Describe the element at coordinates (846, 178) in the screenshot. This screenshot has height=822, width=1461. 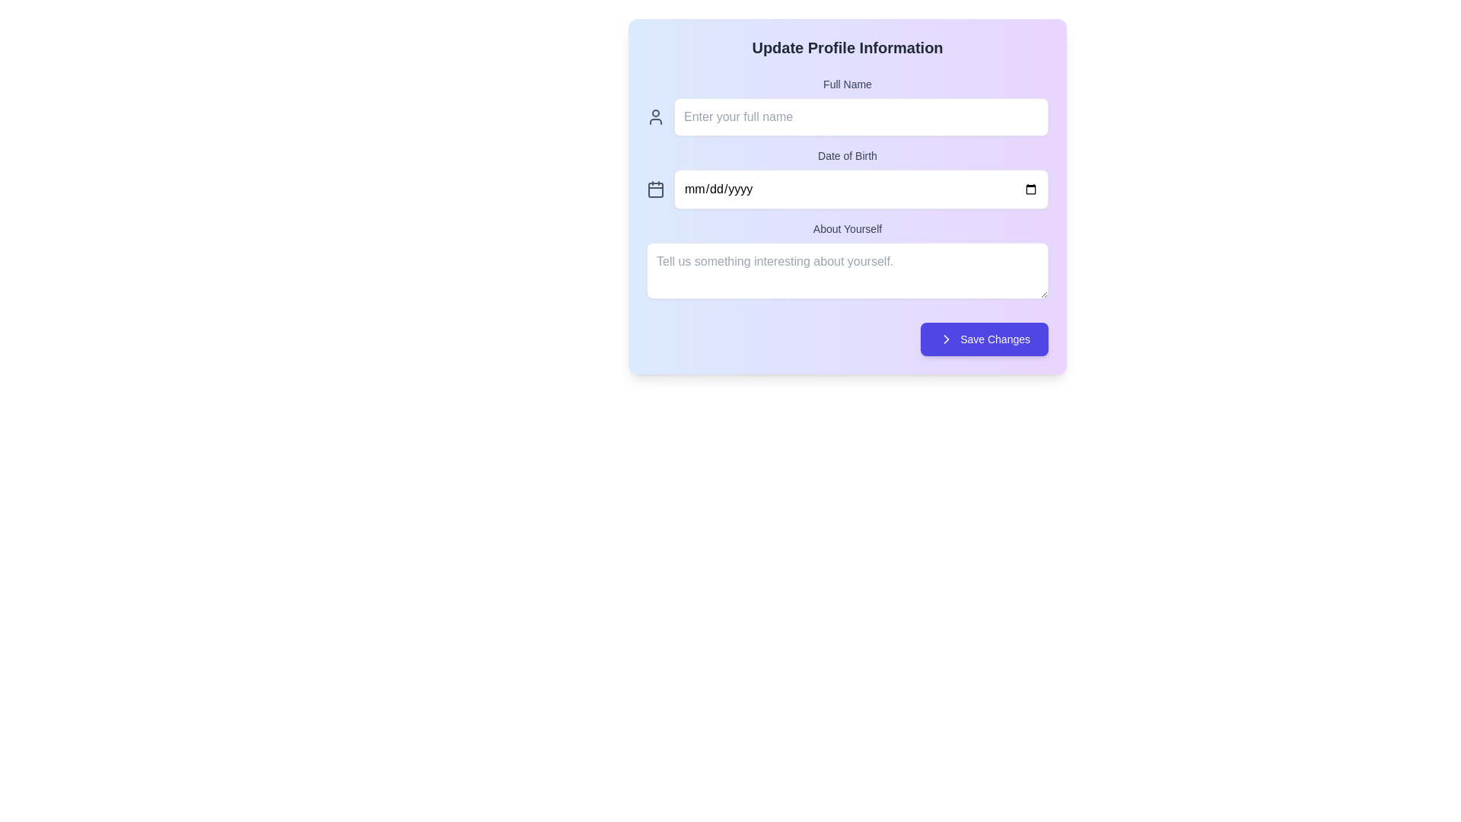
I see `the Date input field labeled 'Date of Birth' in the 'Update Profile Information' form` at that location.